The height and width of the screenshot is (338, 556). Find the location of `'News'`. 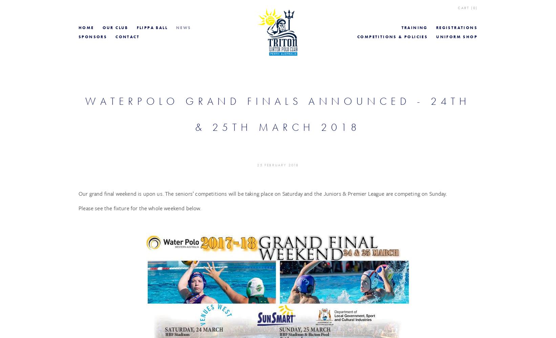

'News' is located at coordinates (184, 27).